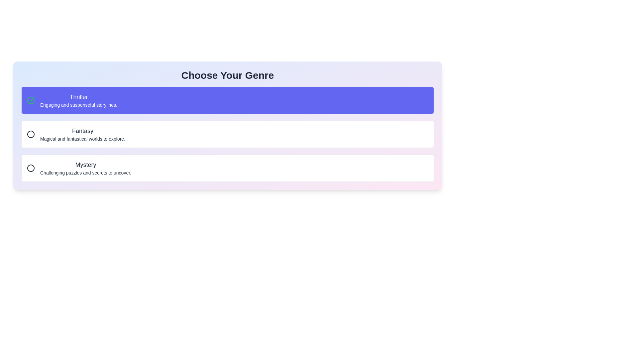  I want to click on the checkmark icon within the green circular icon indicating completion, located to the left of the text 'Thriller', so click(32, 99).